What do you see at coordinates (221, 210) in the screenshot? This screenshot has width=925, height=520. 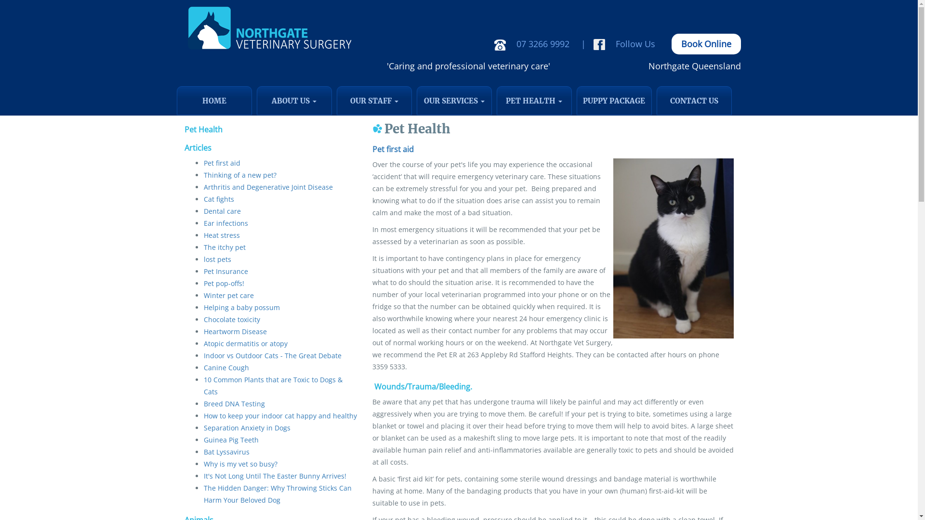 I see `'Dental care'` at bounding box center [221, 210].